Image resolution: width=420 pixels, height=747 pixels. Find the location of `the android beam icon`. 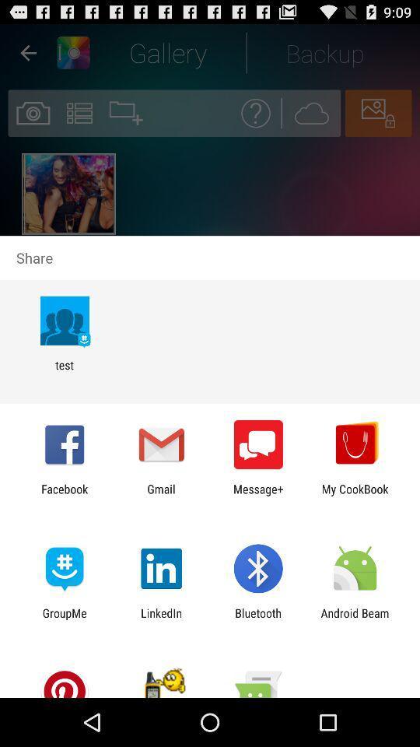

the android beam icon is located at coordinates (355, 619).